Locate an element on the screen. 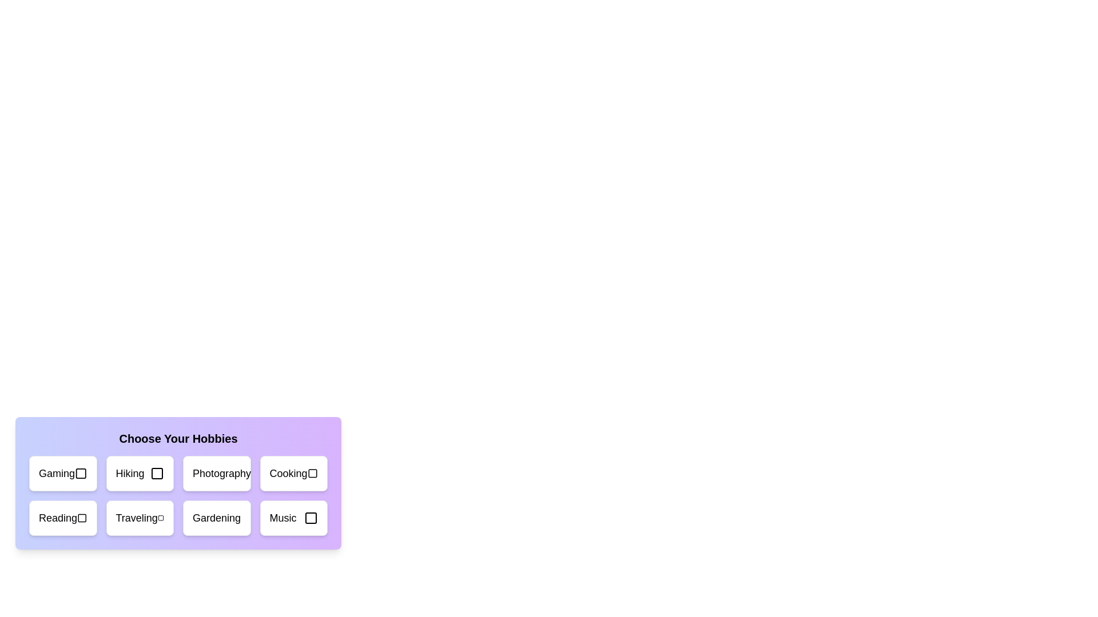 The width and height of the screenshot is (1098, 617). the hobby card labeled 'Hiking' is located at coordinates (139, 474).